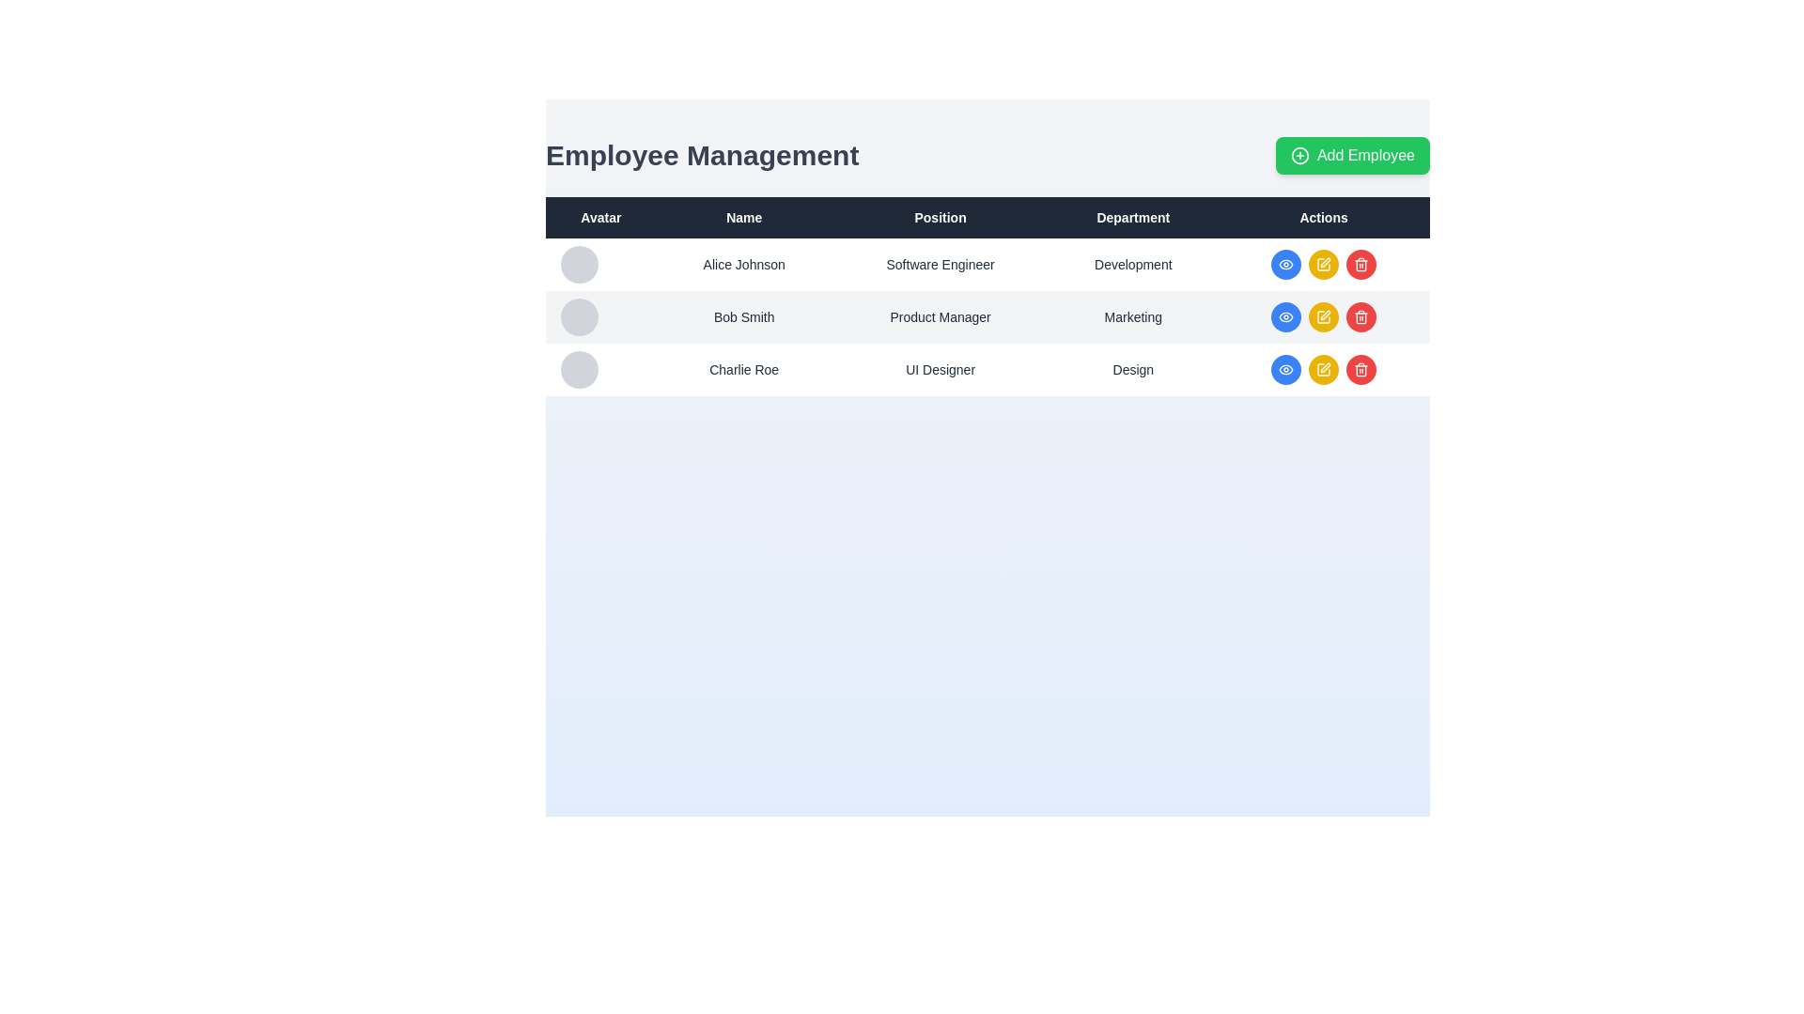 The width and height of the screenshot is (1804, 1014). What do you see at coordinates (1284, 316) in the screenshot?
I see `the eye icon button located in the 'Actions' column of the second row of the table` at bounding box center [1284, 316].